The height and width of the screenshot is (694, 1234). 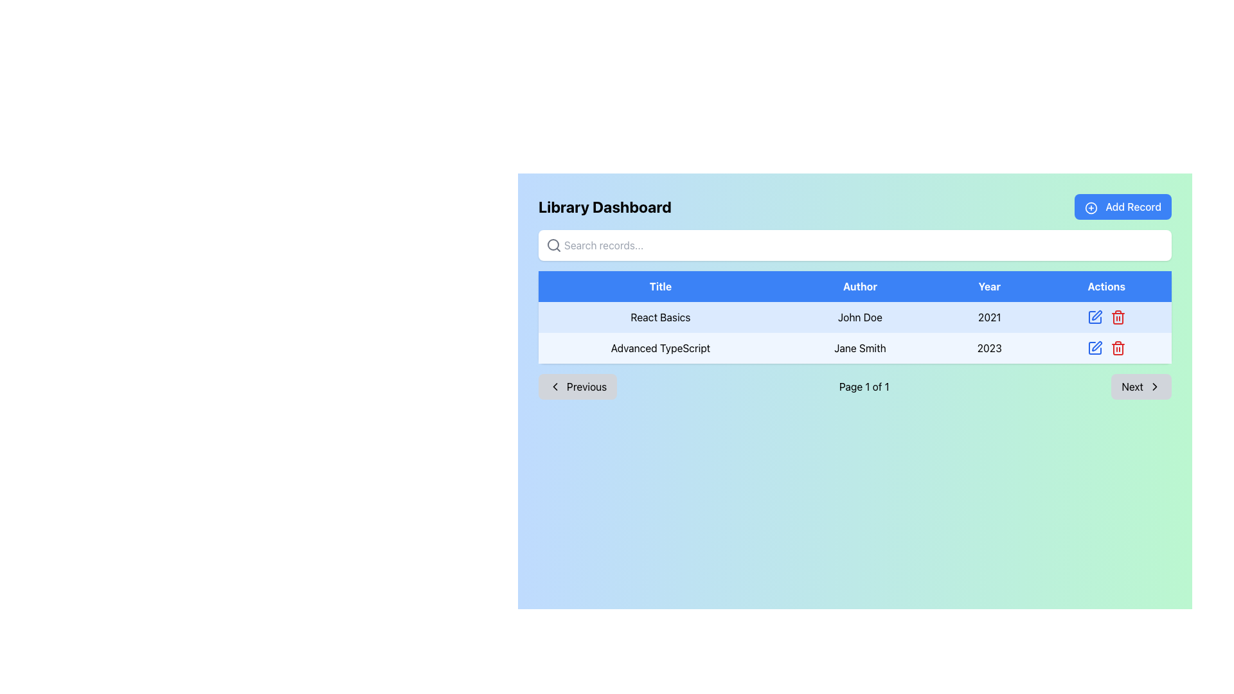 What do you see at coordinates (860, 286) in the screenshot?
I see `the table header indicating 'Authors', which is the second header in a horizontal row between 'Title' and 'Year'` at bounding box center [860, 286].